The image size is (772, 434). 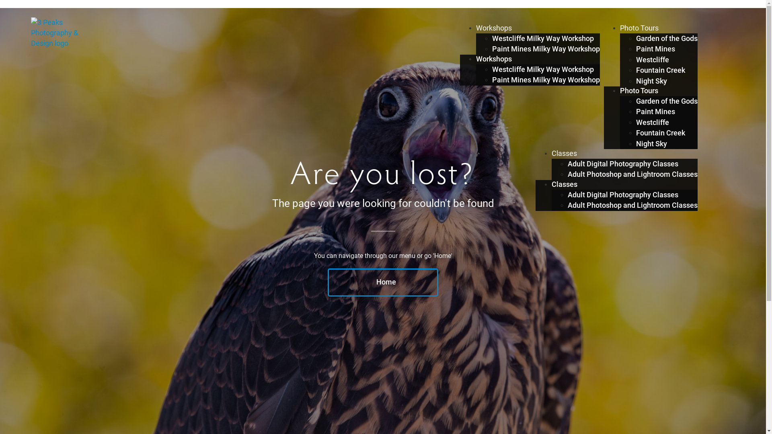 What do you see at coordinates (652, 122) in the screenshot?
I see `'Westcliffe'` at bounding box center [652, 122].